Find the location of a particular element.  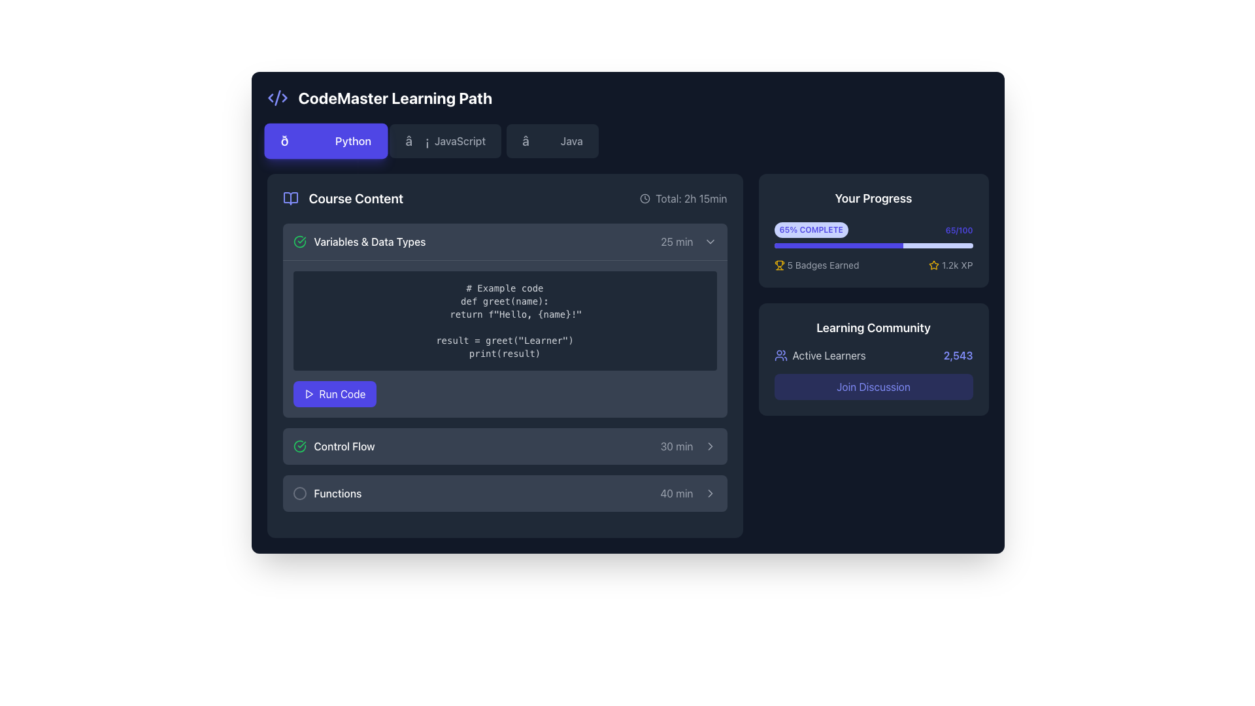

the 'Java' tab button, which displays the text 'Java' in a medium-weight font and is part of the horizontal menu at the top of the interface is located at coordinates (571, 141).